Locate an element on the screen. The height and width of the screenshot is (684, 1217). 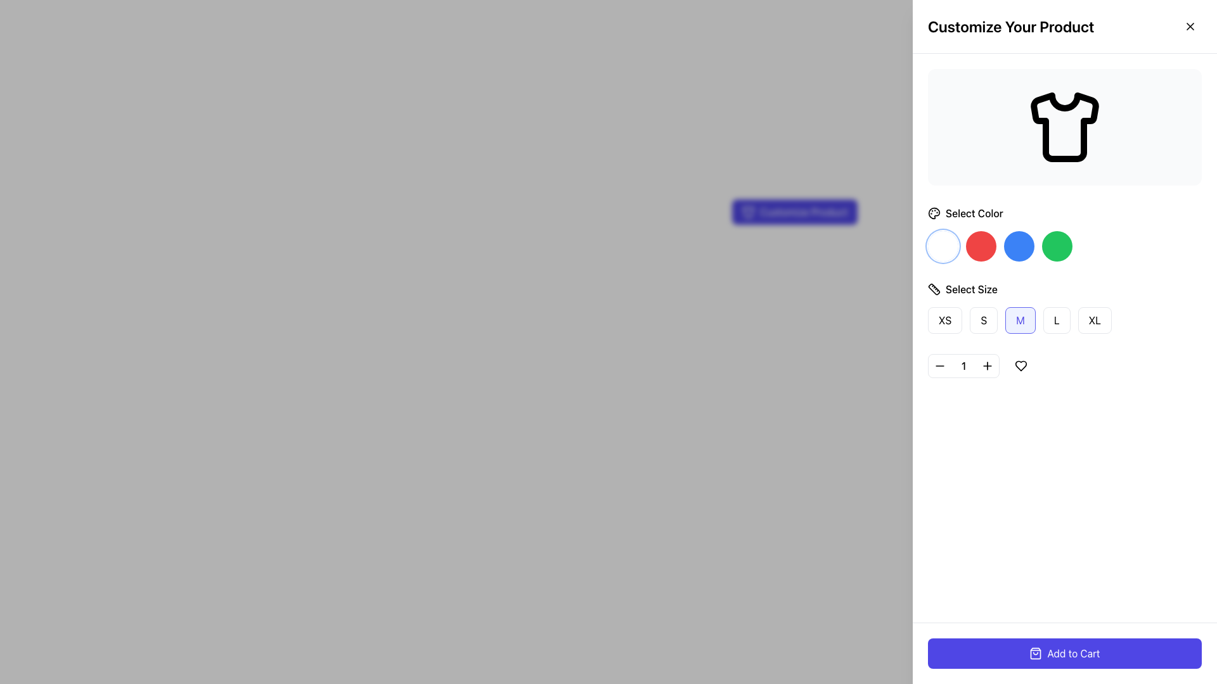
the 'Add to Cart' button, which is a wide rectangular button with an indigo background, rounded corners, and white text, located in the bottom-most panel of the right sidebar is located at coordinates (1065, 654).